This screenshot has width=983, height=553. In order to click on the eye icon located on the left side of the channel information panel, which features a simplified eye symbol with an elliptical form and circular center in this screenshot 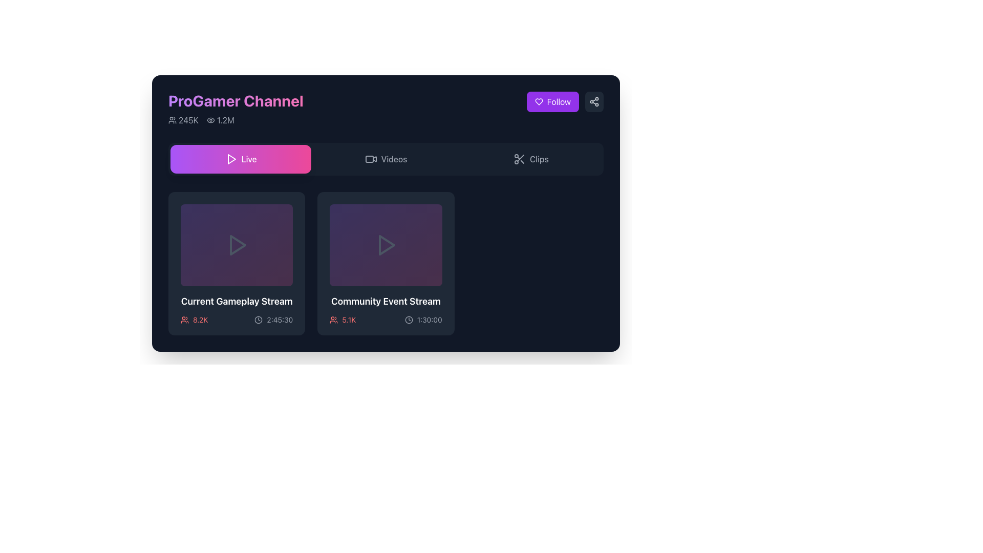, I will do `click(210, 120)`.